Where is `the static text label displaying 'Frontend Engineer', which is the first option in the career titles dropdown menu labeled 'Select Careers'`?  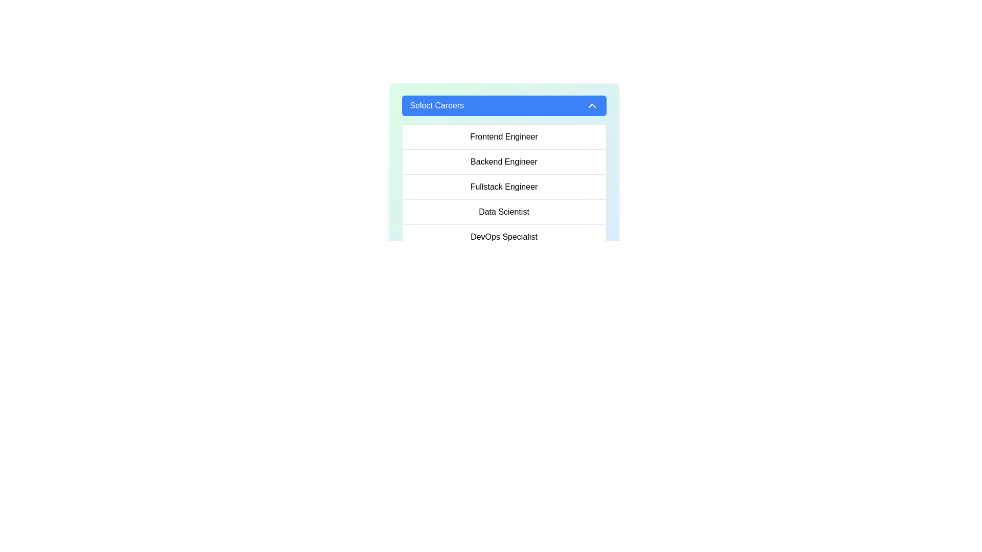
the static text label displaying 'Frontend Engineer', which is the first option in the career titles dropdown menu labeled 'Select Careers' is located at coordinates (504, 136).